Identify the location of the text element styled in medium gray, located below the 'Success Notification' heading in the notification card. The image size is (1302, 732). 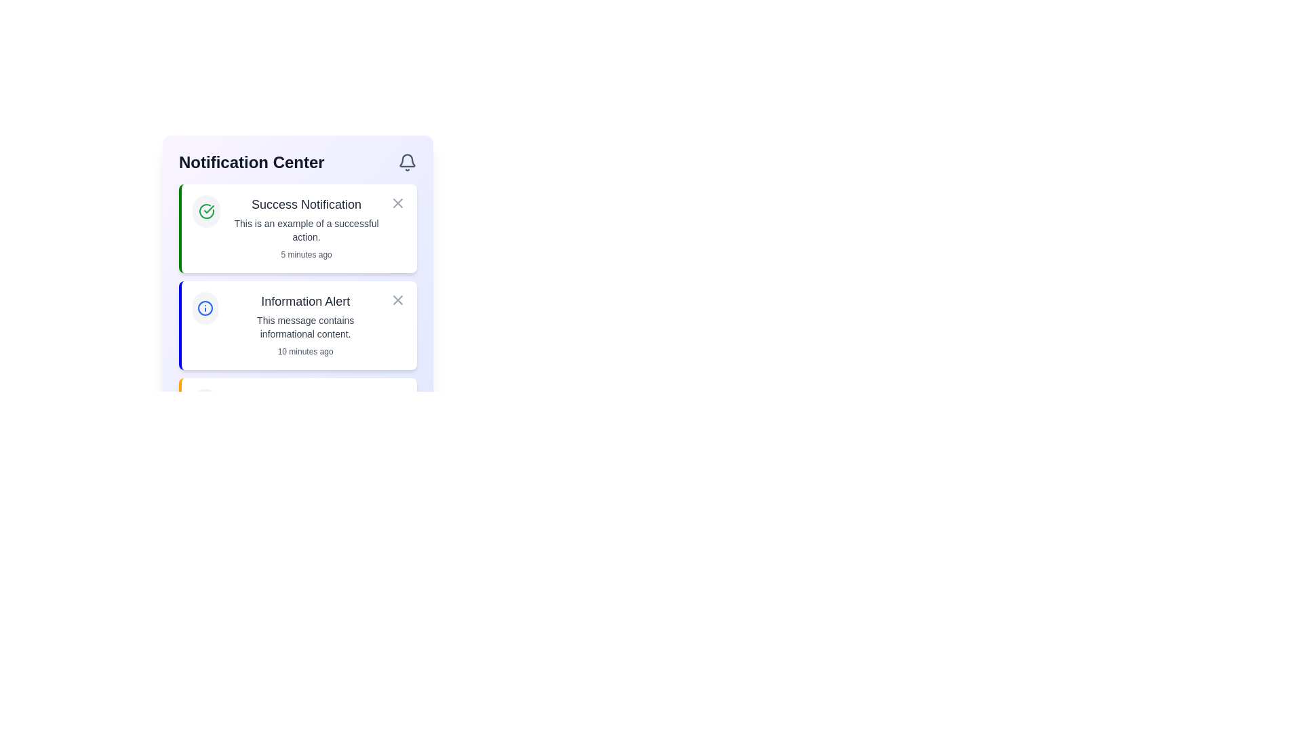
(306, 229).